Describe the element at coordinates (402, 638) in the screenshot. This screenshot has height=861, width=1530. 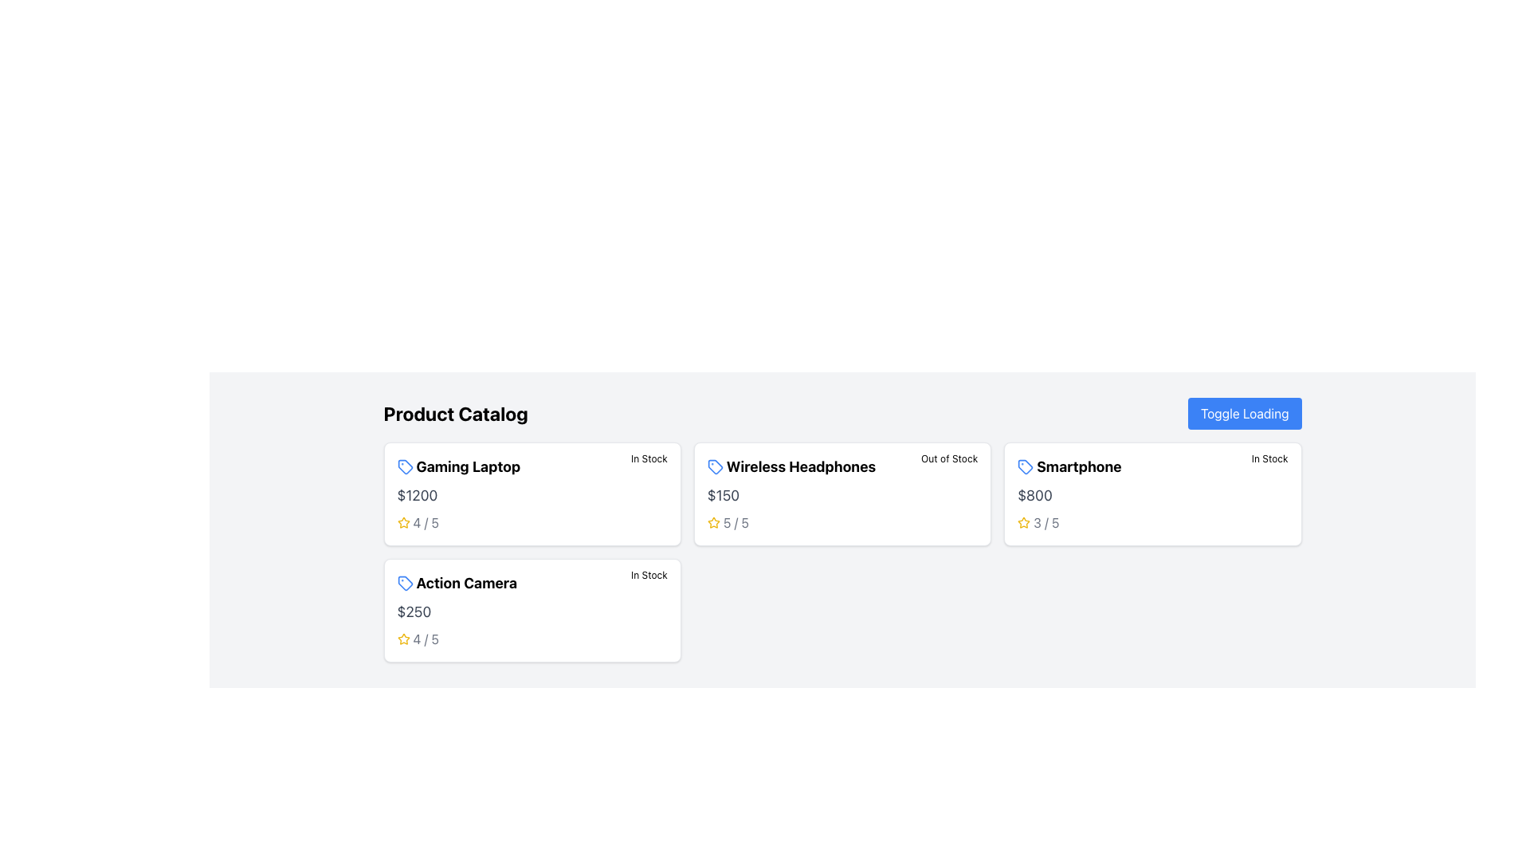
I see `the first gold star icon used for rating in the 'Action Camera' product card located in the bottom-left corner of the product catalog grid` at that location.